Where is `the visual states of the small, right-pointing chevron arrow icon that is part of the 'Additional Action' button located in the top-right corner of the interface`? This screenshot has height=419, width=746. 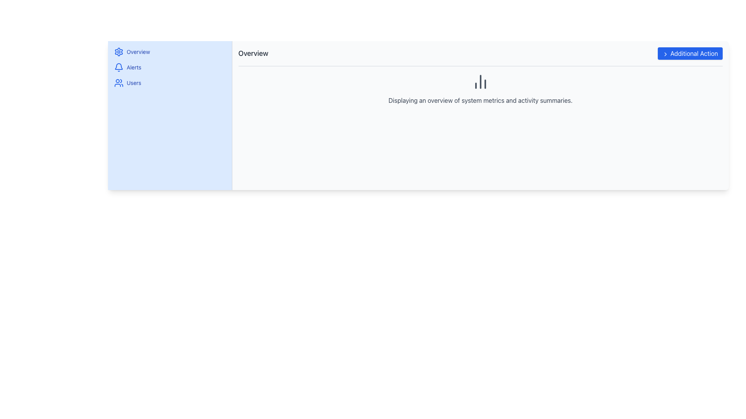 the visual states of the small, right-pointing chevron arrow icon that is part of the 'Additional Action' button located in the top-right corner of the interface is located at coordinates (665, 54).